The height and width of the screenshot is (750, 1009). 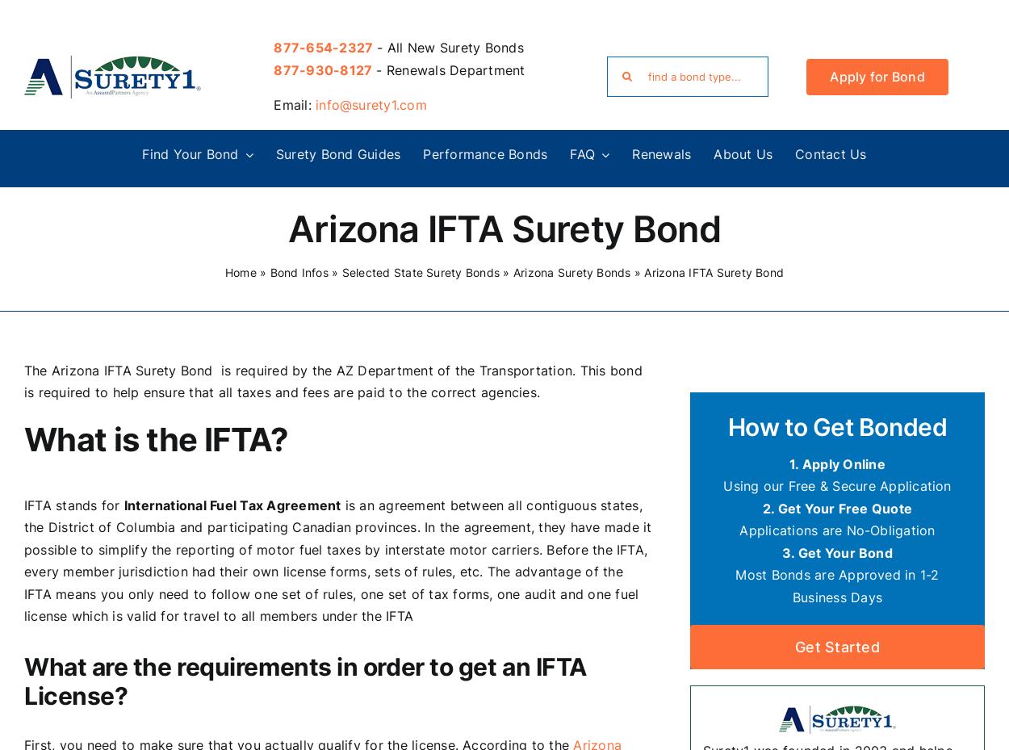 What do you see at coordinates (101, 580) in the screenshot?
I see `'Oregon Surety Bonds'` at bounding box center [101, 580].